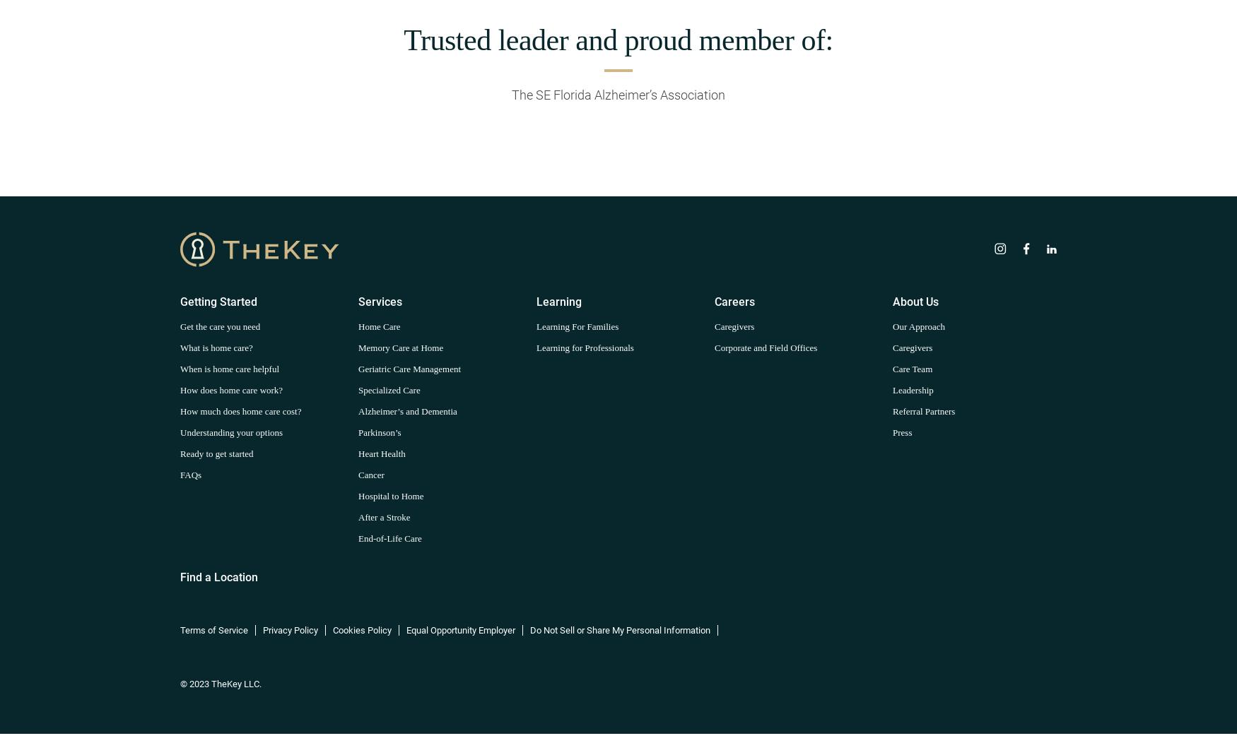 The image size is (1237, 755). What do you see at coordinates (290, 629) in the screenshot?
I see `'Privacy Policy'` at bounding box center [290, 629].